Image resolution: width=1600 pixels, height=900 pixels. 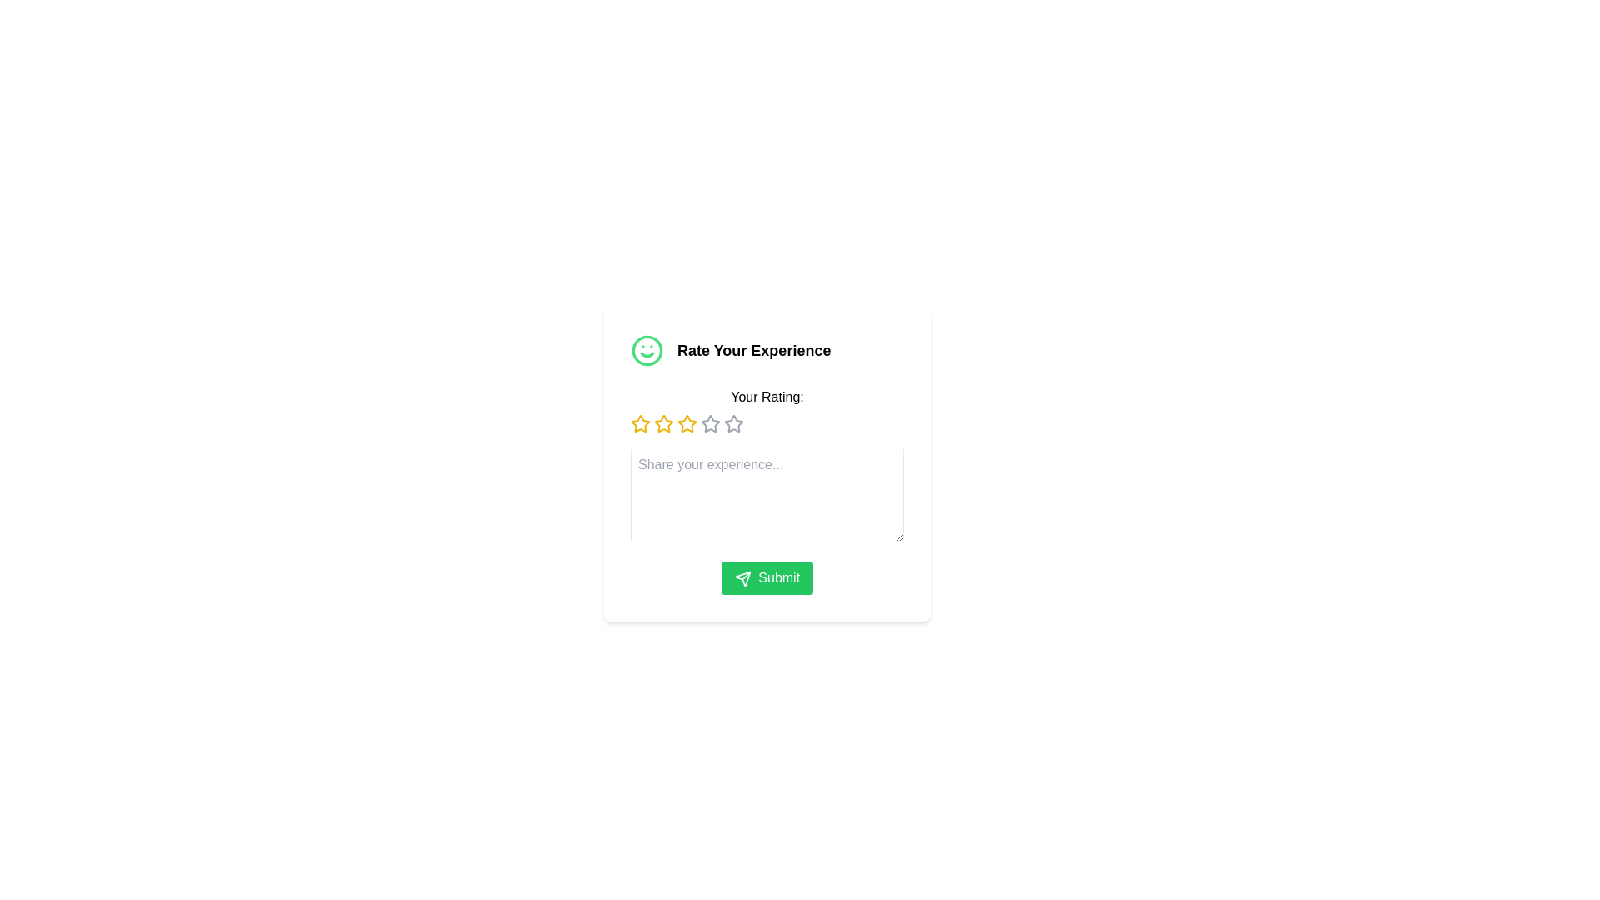 What do you see at coordinates (767, 423) in the screenshot?
I see `the interactive stars in the rating bar located beneath 'Your Rating:'` at bounding box center [767, 423].